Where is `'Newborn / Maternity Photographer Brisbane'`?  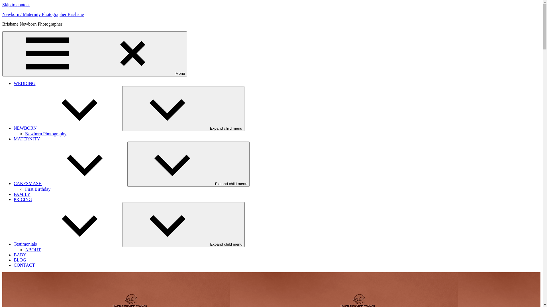 'Newborn / Maternity Photographer Brisbane' is located at coordinates (42, 14).